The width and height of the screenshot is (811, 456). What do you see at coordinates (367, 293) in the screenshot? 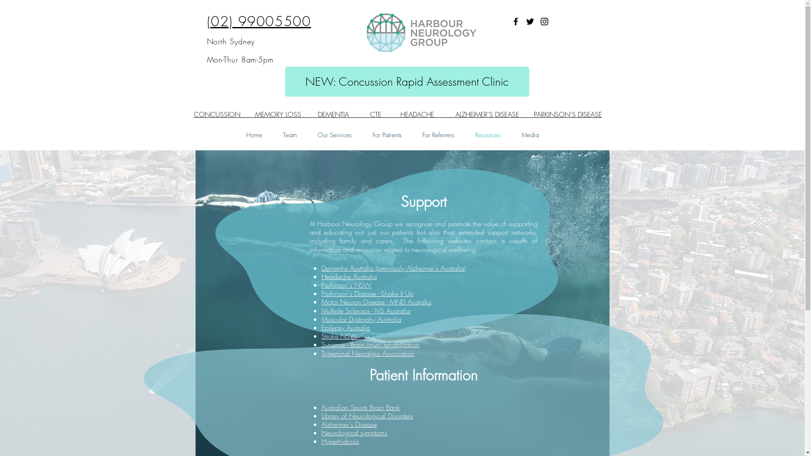
I see `'Parkinson's Disease - Shake It Up'` at bounding box center [367, 293].